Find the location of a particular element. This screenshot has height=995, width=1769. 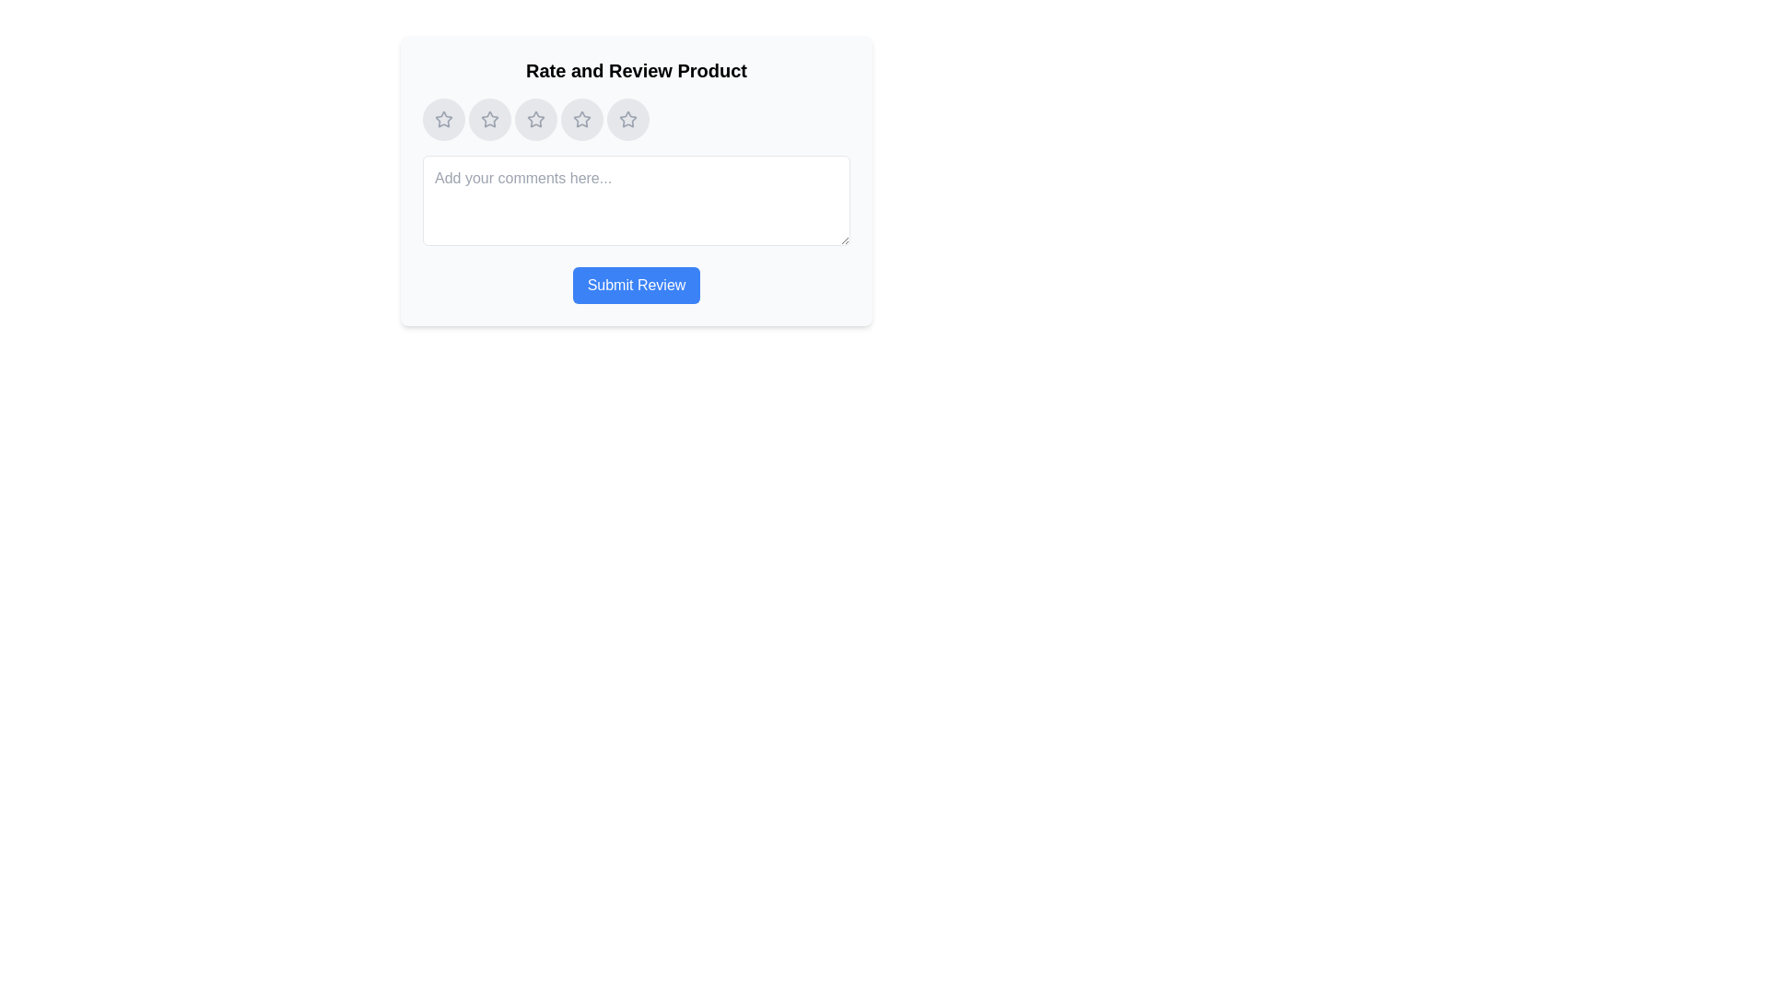

the third star button in the rating system is located at coordinates (534, 120).